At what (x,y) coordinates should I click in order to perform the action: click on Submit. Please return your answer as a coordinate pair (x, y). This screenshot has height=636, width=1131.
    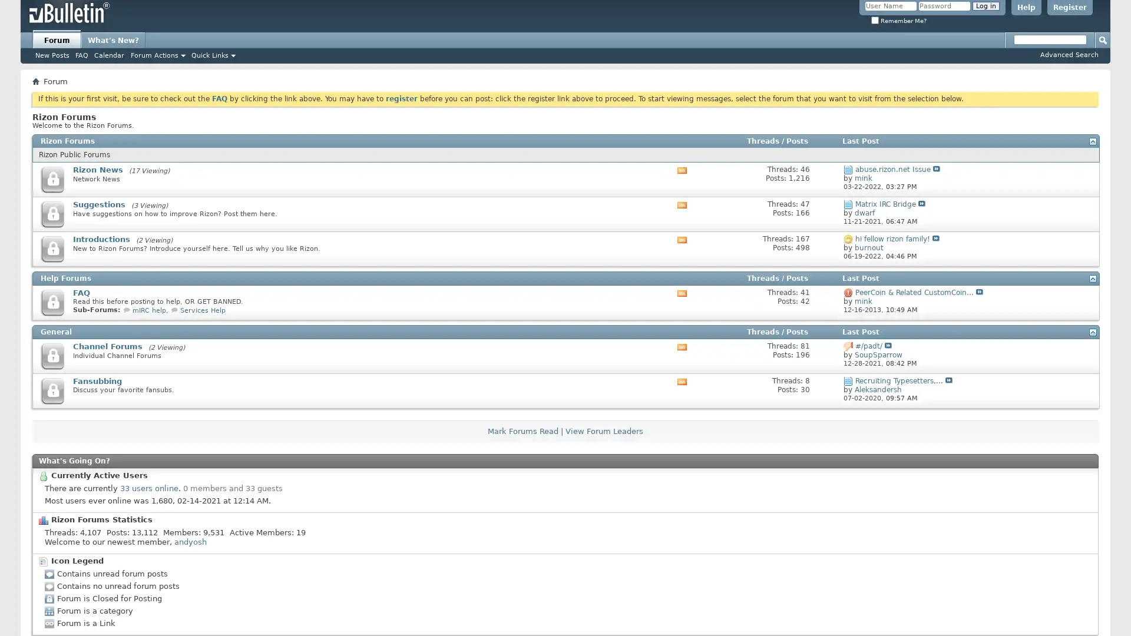
    Looking at the image, I should click on (1102, 38).